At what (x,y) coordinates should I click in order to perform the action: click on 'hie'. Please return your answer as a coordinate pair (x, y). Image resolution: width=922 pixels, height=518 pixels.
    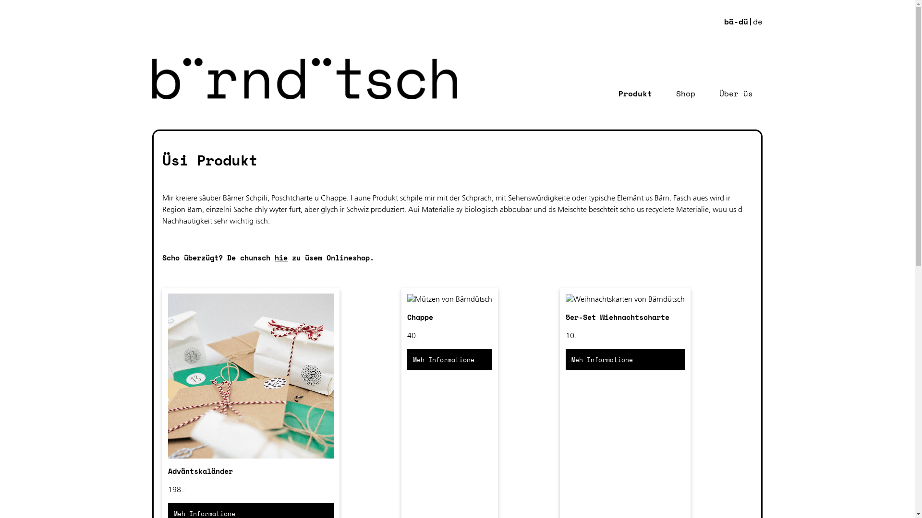
    Looking at the image, I should click on (280, 257).